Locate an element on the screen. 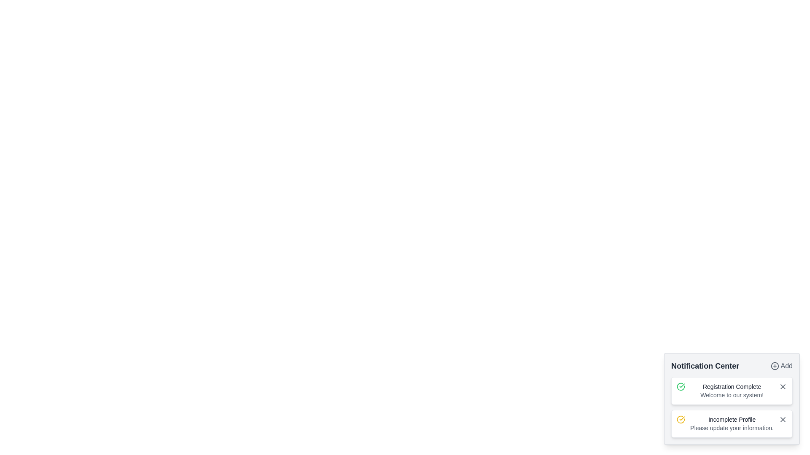  the green outlined circular check icon located on the left side of the 'Registration Complete' notification box is located at coordinates (681, 387).